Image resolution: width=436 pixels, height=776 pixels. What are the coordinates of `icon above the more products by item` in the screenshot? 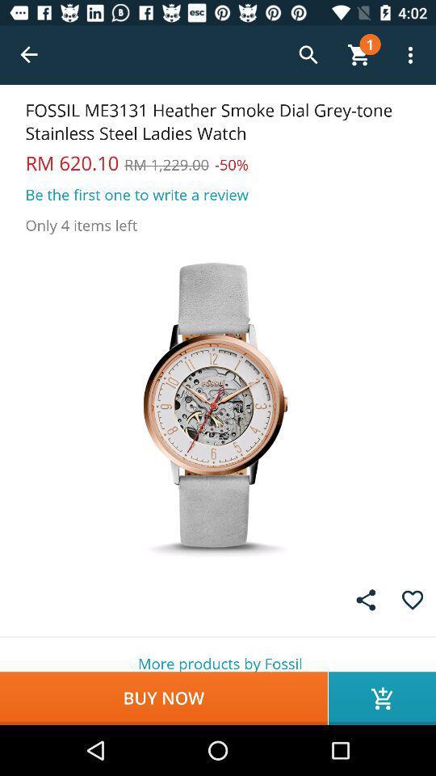 It's located at (366, 599).